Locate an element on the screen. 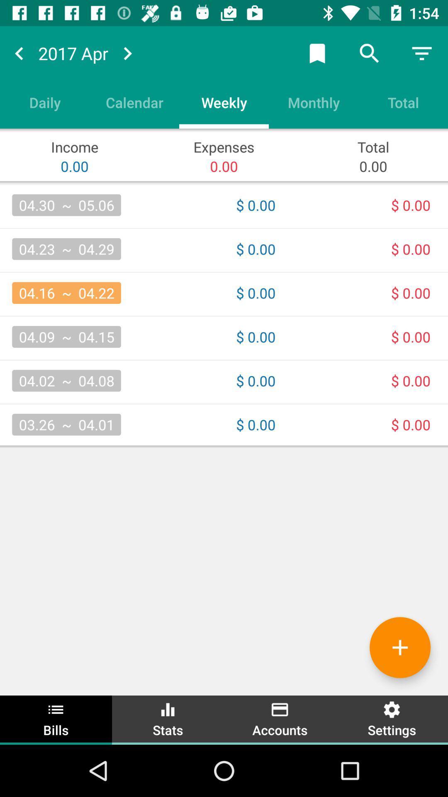  item next to total icon is located at coordinates (314, 102).